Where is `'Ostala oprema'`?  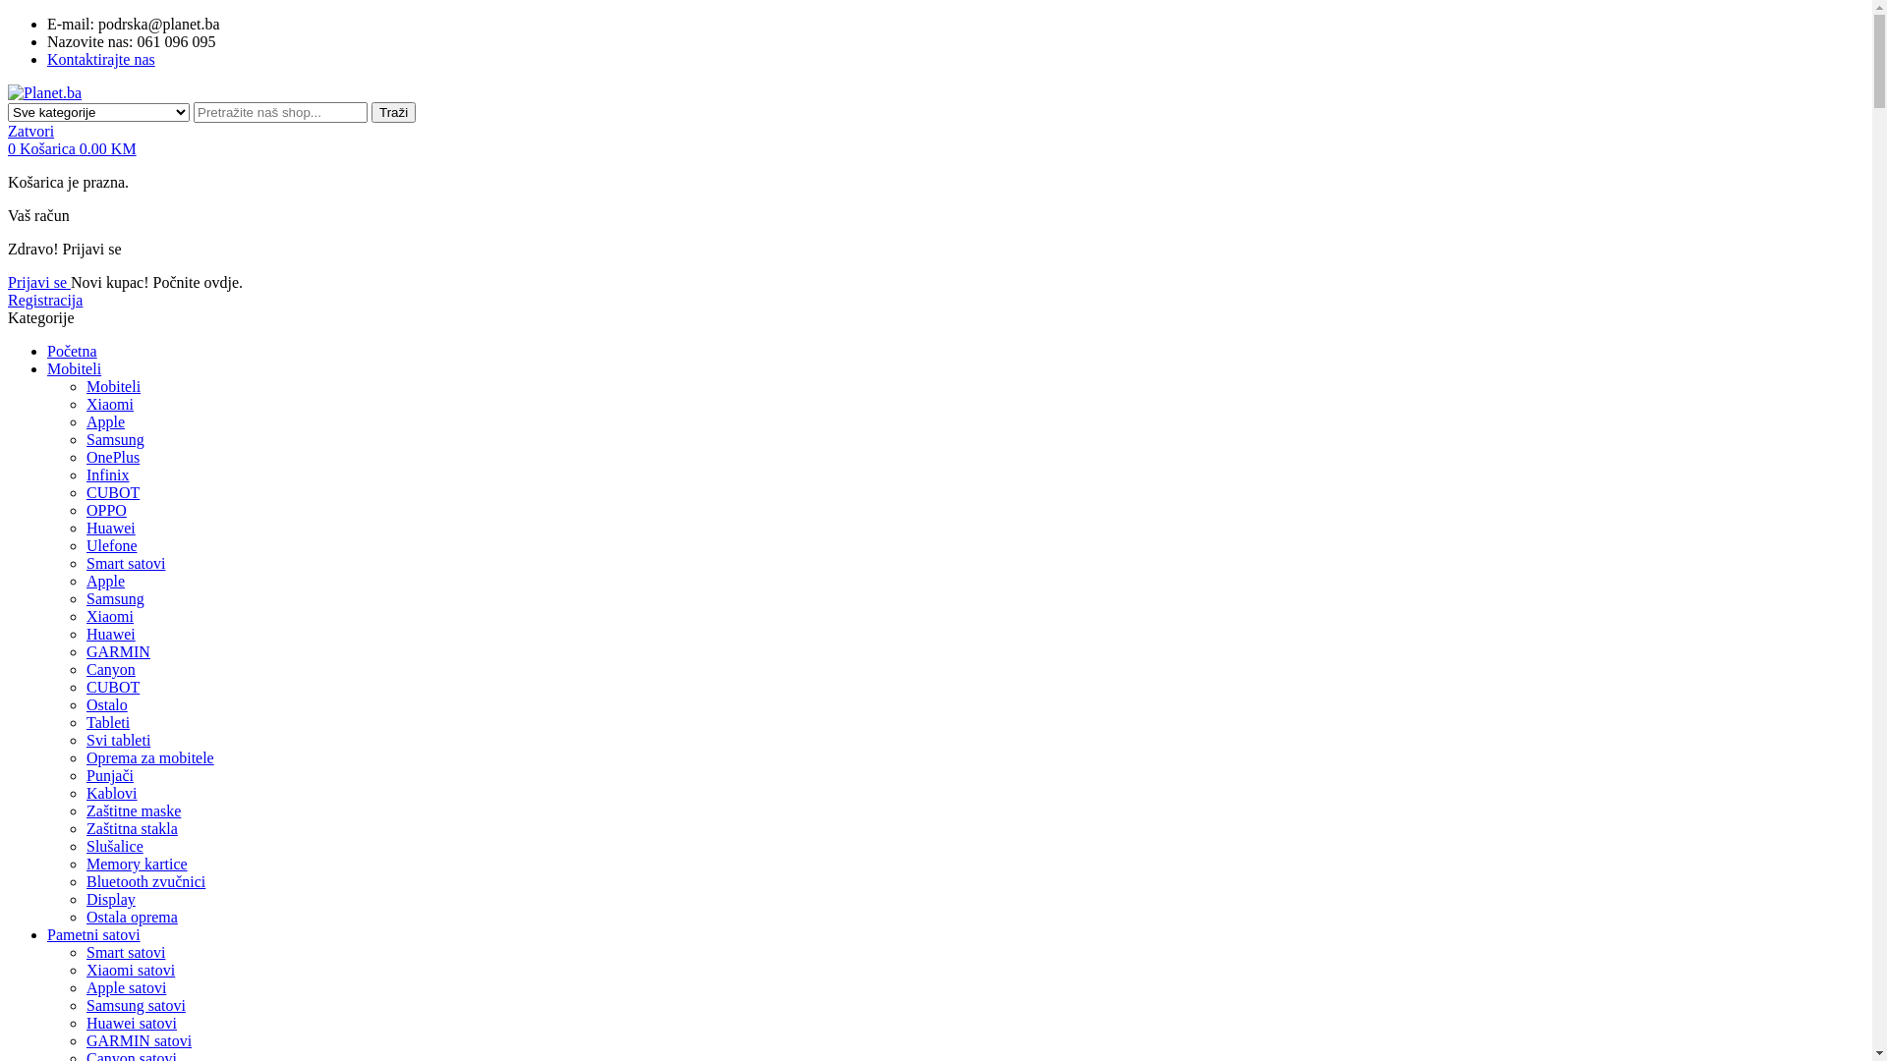
'Ostala oprema' is located at coordinates (131, 917).